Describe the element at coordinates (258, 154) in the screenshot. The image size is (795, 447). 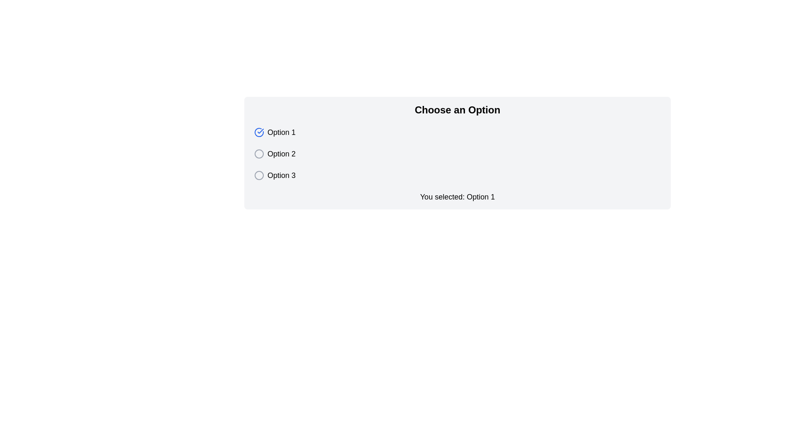
I see `the unselected radio button next to the label 'Option 2'` at that location.